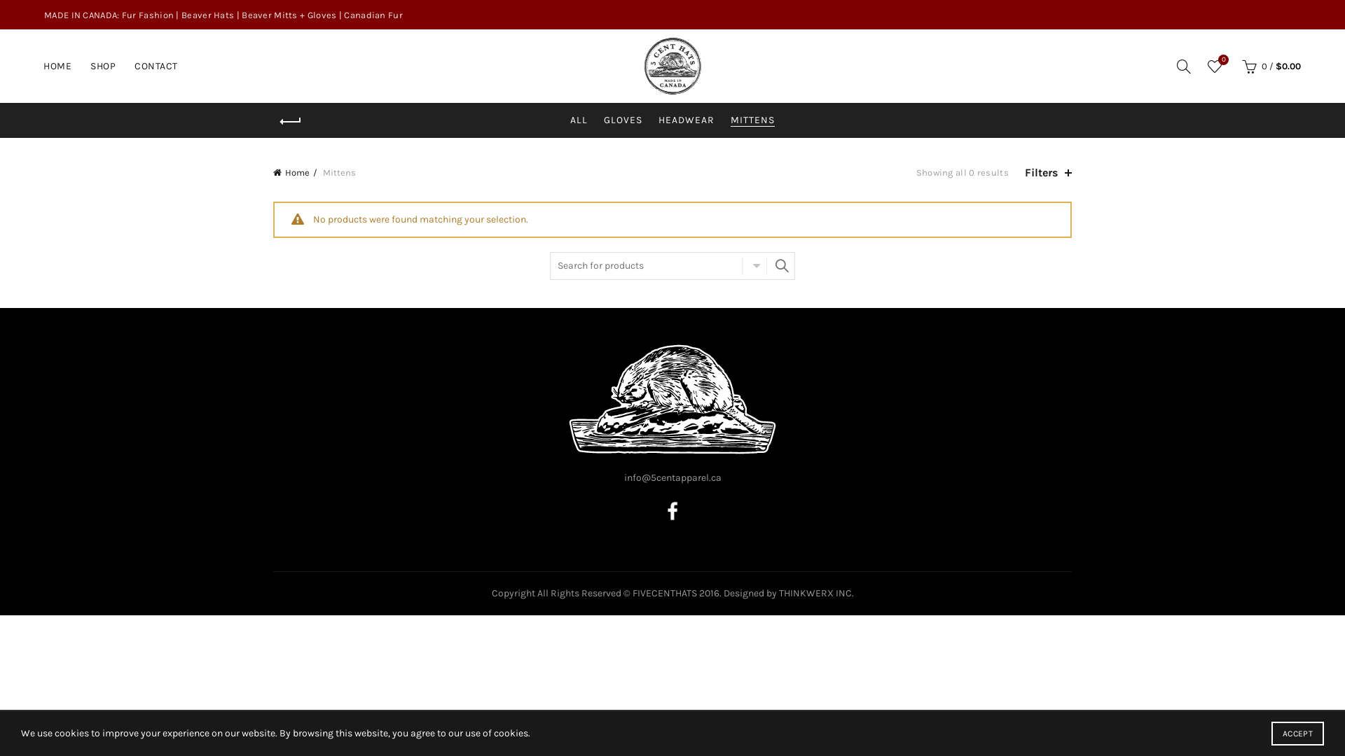  What do you see at coordinates (1269, 66) in the screenshot?
I see `'0 / $0.00'` at bounding box center [1269, 66].